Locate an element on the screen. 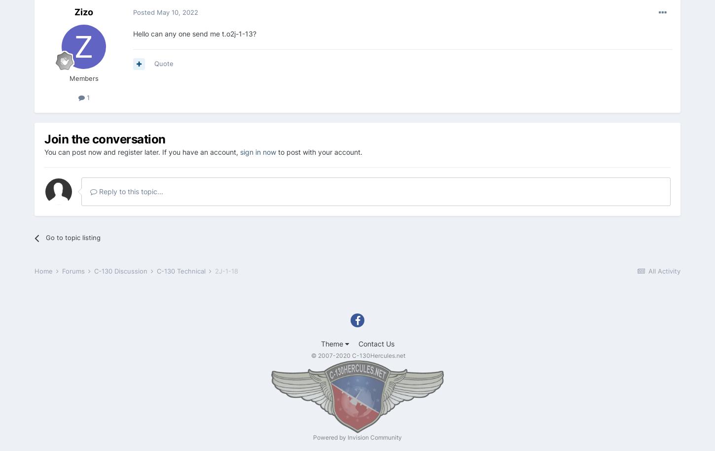  'Contact Us' is located at coordinates (376, 343).